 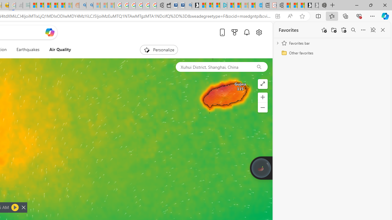 What do you see at coordinates (61, 5) in the screenshot?
I see `'Student Loan Update: Forgiveness Program Ends This Month'` at bounding box center [61, 5].